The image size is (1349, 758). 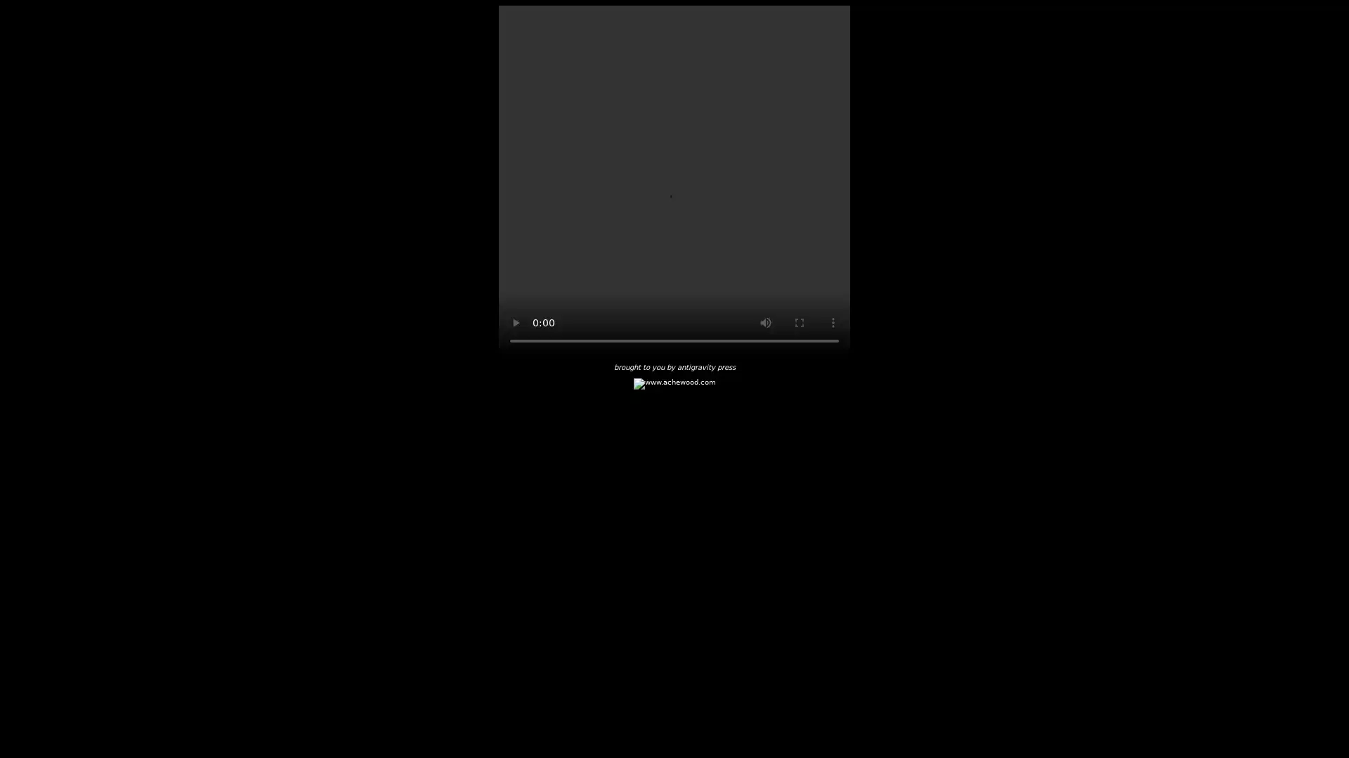 I want to click on enter full screen, so click(x=799, y=322).